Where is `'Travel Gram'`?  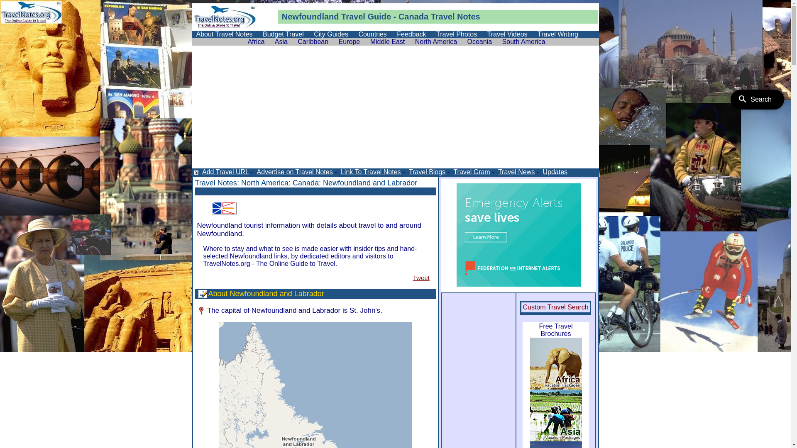
'Travel Gram' is located at coordinates (452, 171).